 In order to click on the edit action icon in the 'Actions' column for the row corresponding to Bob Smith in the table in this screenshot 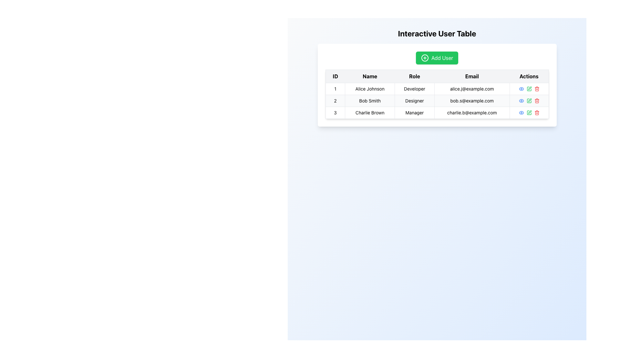, I will do `click(530, 88)`.